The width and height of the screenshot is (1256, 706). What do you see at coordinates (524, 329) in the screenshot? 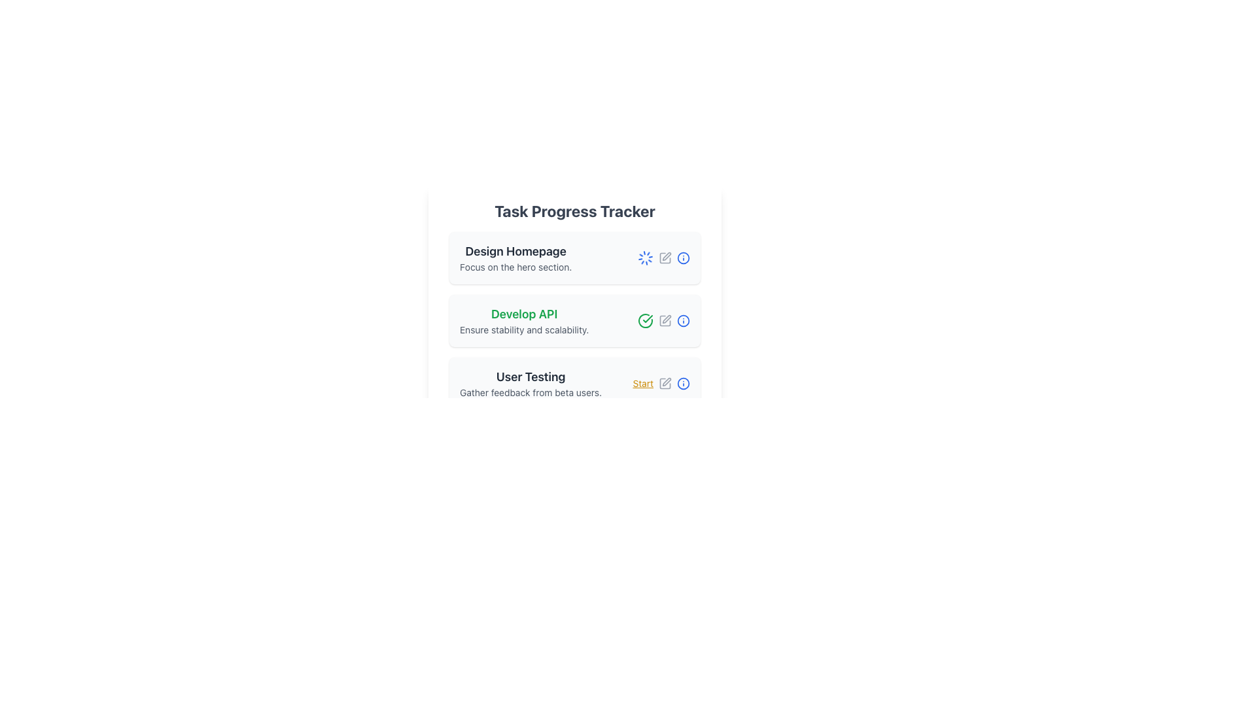
I see `the descriptive text label stating 'Ensure stability and scalability', which is styled in a smaller grey font and positioned below the heading 'Develop API' within the second task card` at bounding box center [524, 329].